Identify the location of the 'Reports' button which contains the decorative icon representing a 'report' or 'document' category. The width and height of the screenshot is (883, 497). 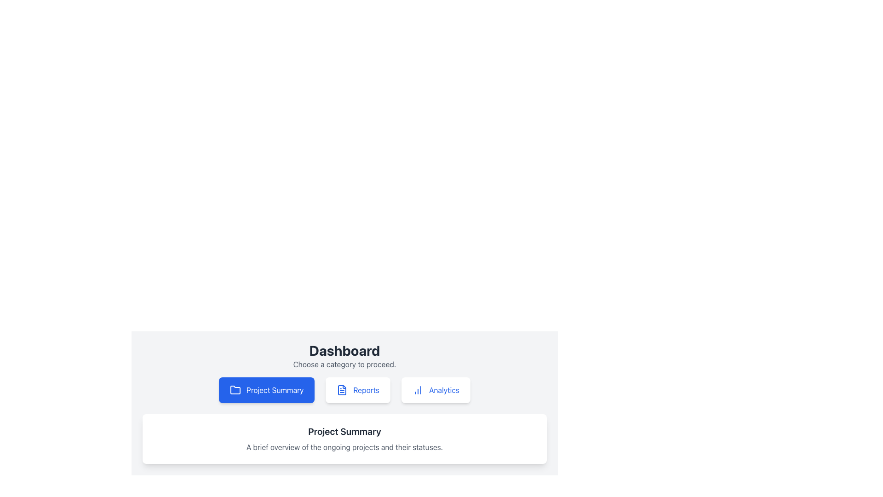
(342, 390).